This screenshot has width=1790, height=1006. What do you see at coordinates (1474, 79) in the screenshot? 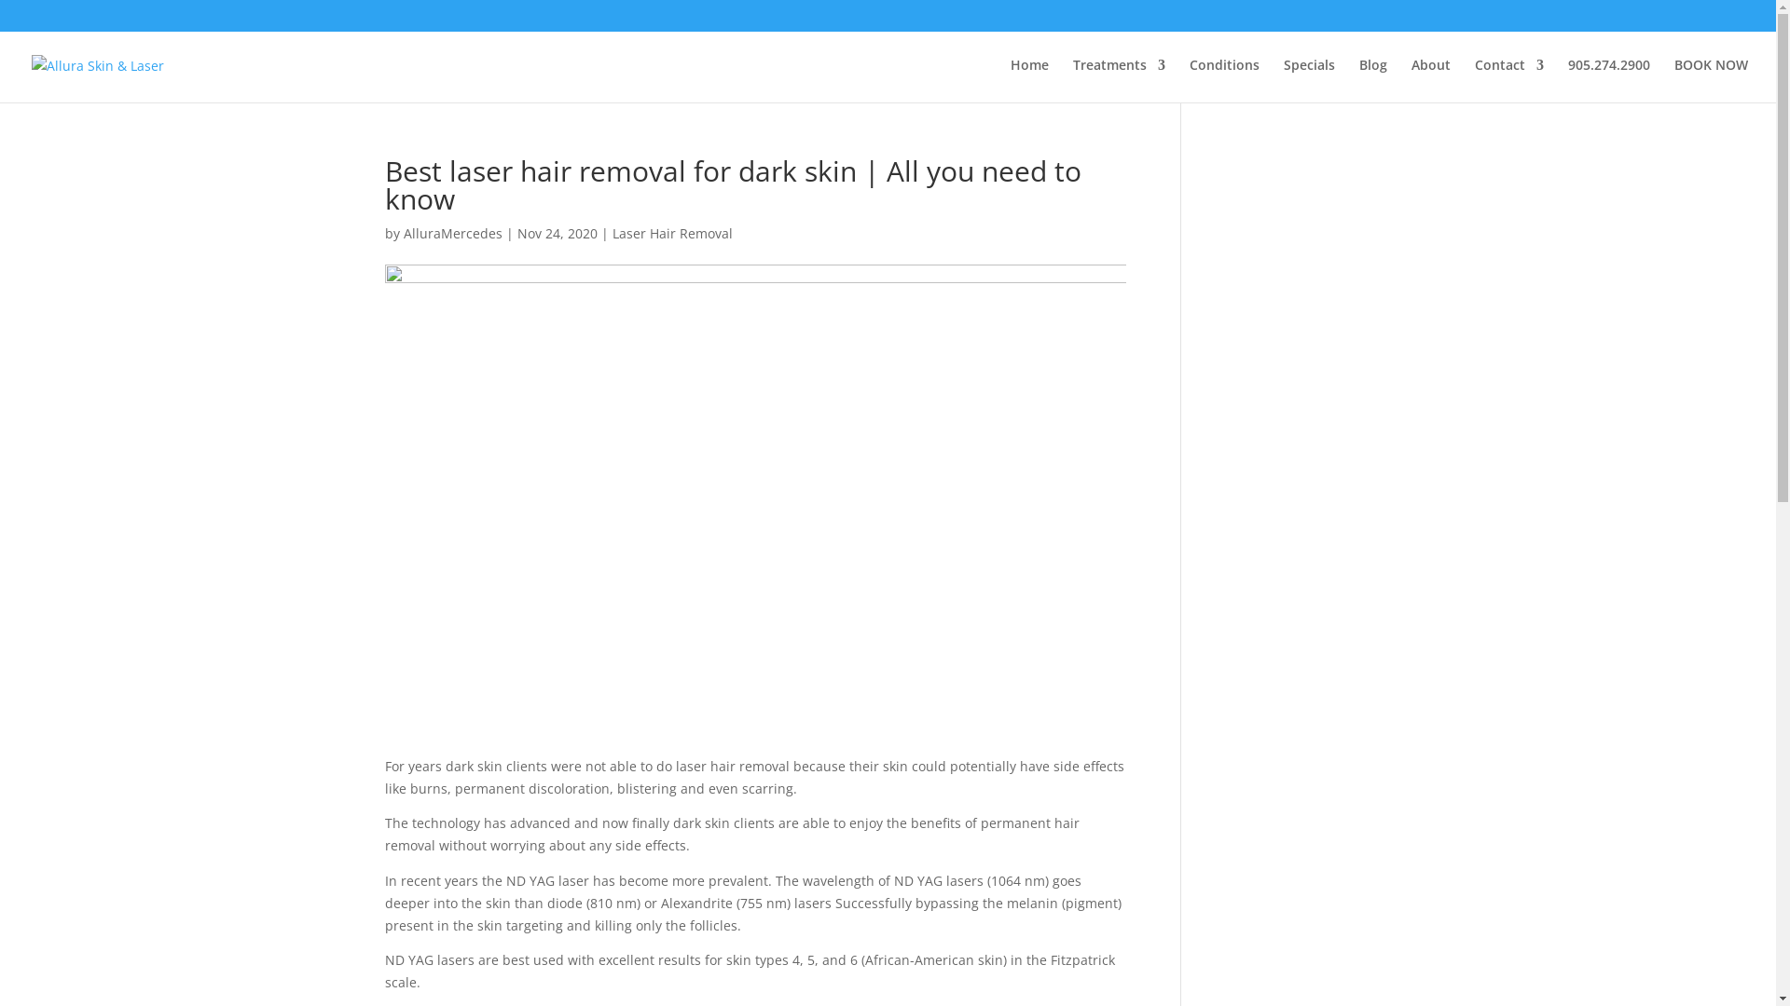
I see `'Contact'` at bounding box center [1474, 79].